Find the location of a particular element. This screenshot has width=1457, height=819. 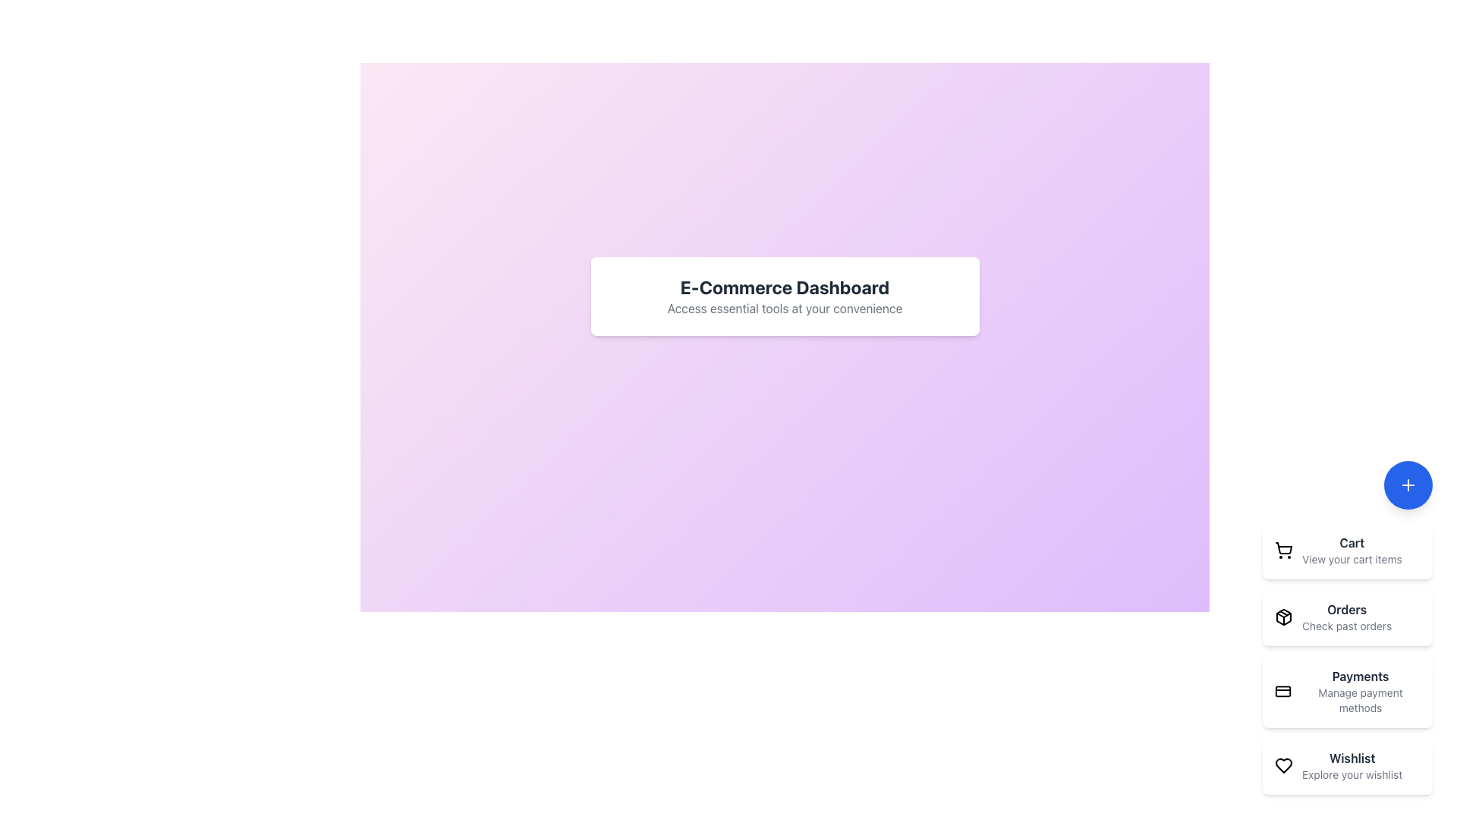

the heart outline icon, which is part of the 'Wishlist' feature located at the far left of the interactive component in the menu is located at coordinates (1282, 766).